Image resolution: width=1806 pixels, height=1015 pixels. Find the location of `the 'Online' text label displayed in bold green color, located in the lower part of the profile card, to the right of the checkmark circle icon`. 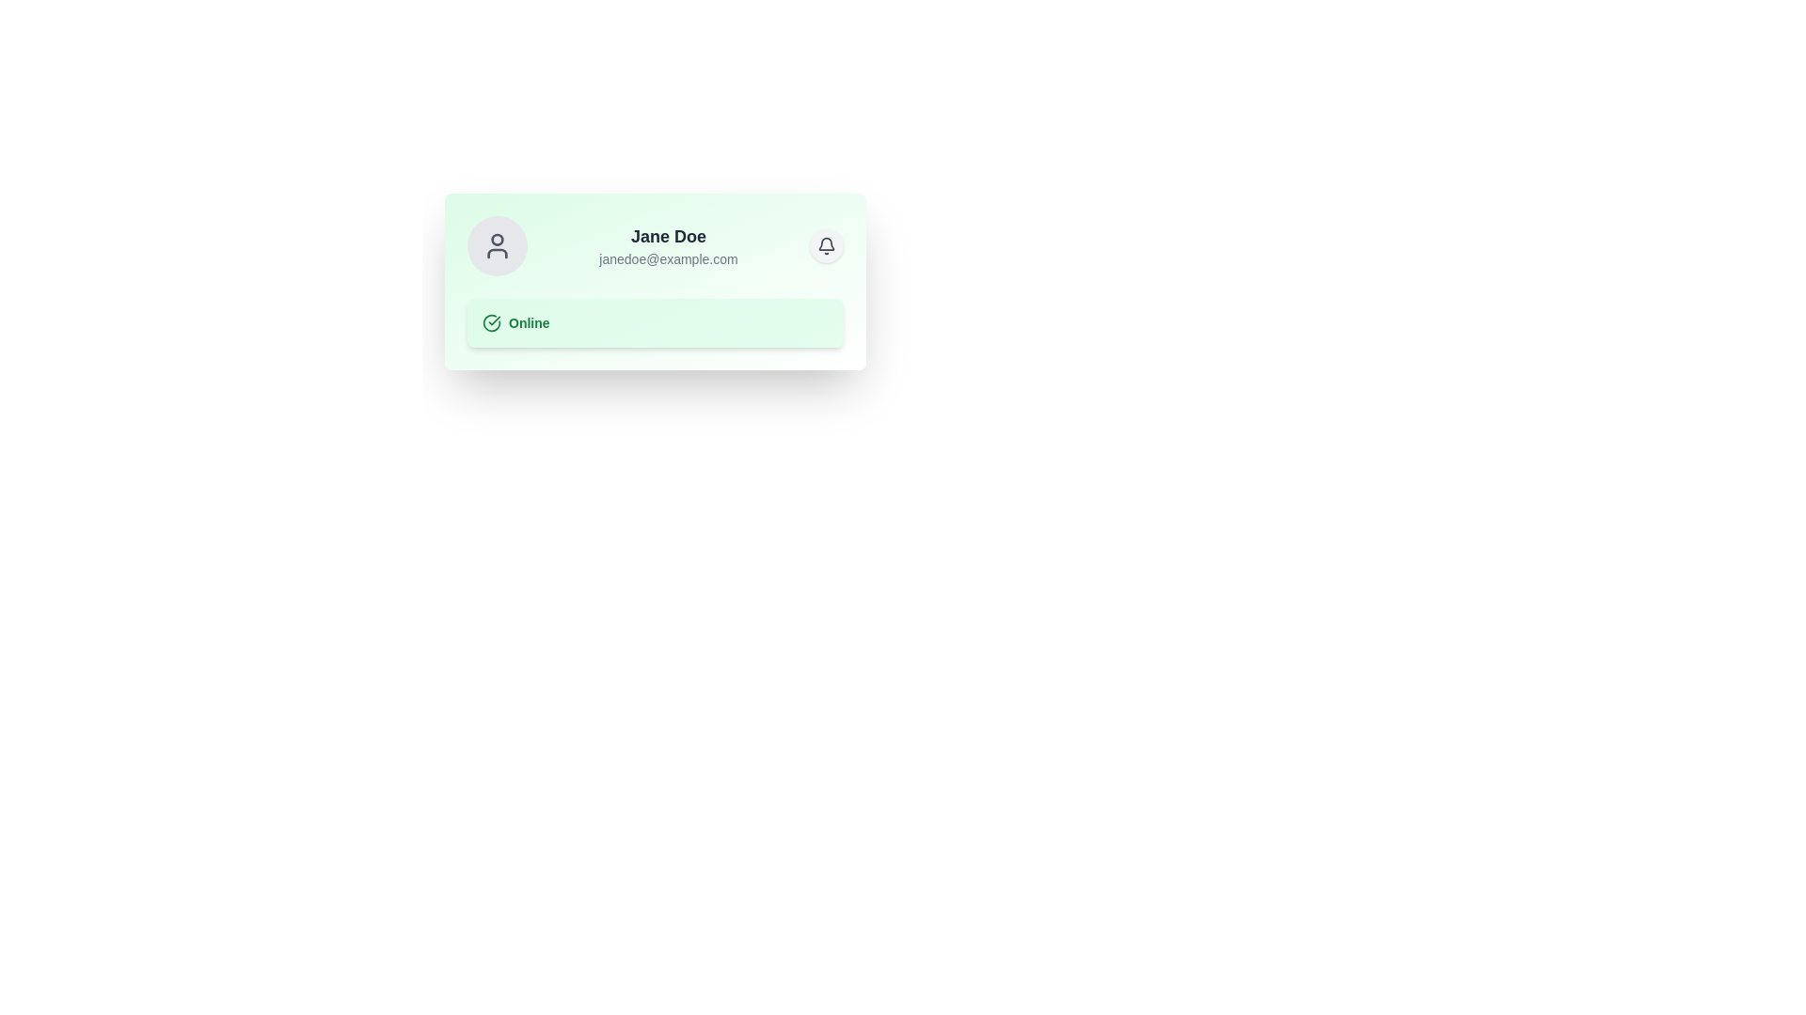

the 'Online' text label displayed in bold green color, located in the lower part of the profile card, to the right of the checkmark circle icon is located at coordinates (528, 321).